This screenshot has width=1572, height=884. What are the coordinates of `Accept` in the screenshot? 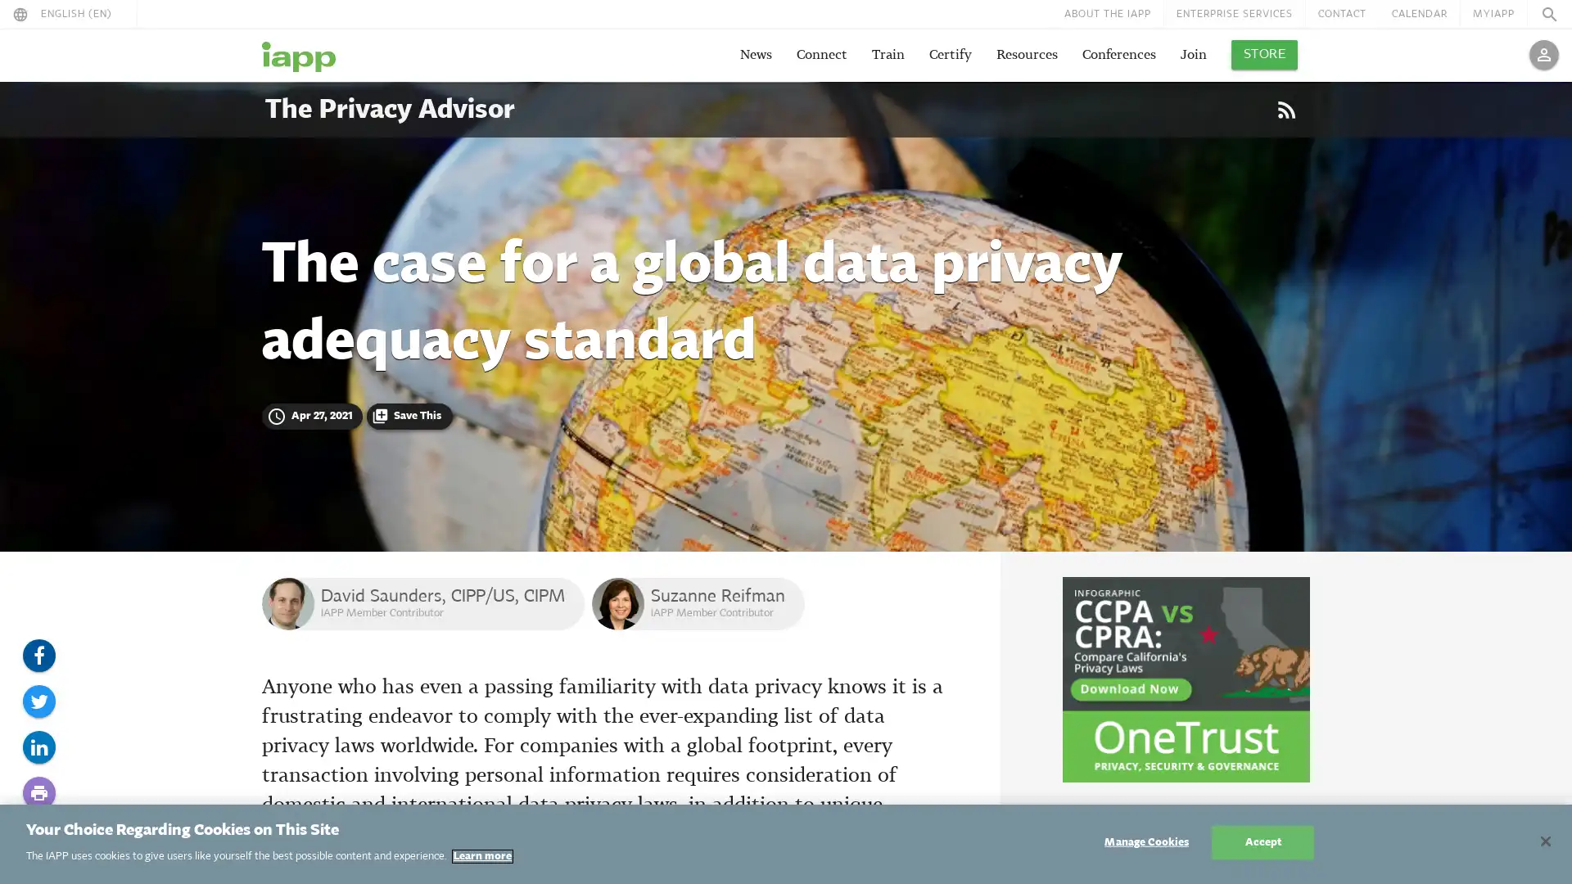 It's located at (1262, 842).